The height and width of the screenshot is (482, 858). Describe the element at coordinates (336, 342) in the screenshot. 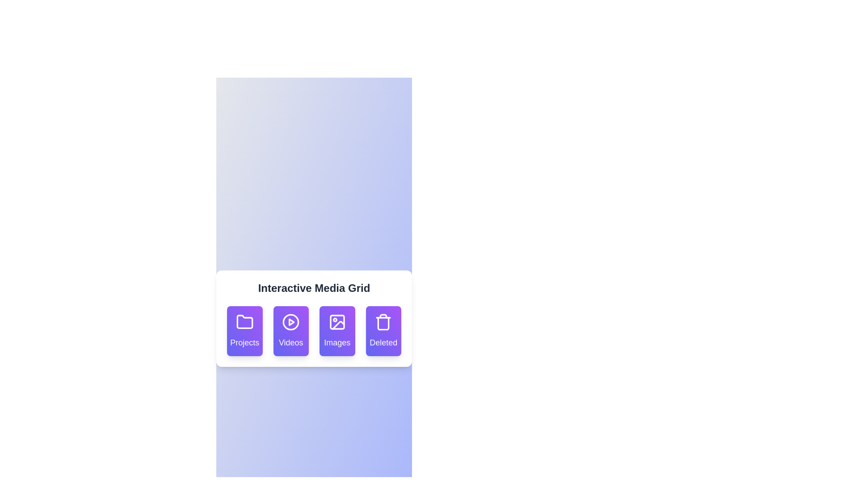

I see `text of the label located beneath the image outline icon on the purple button in the 'Interactive Media Grid' to understand its function` at that location.